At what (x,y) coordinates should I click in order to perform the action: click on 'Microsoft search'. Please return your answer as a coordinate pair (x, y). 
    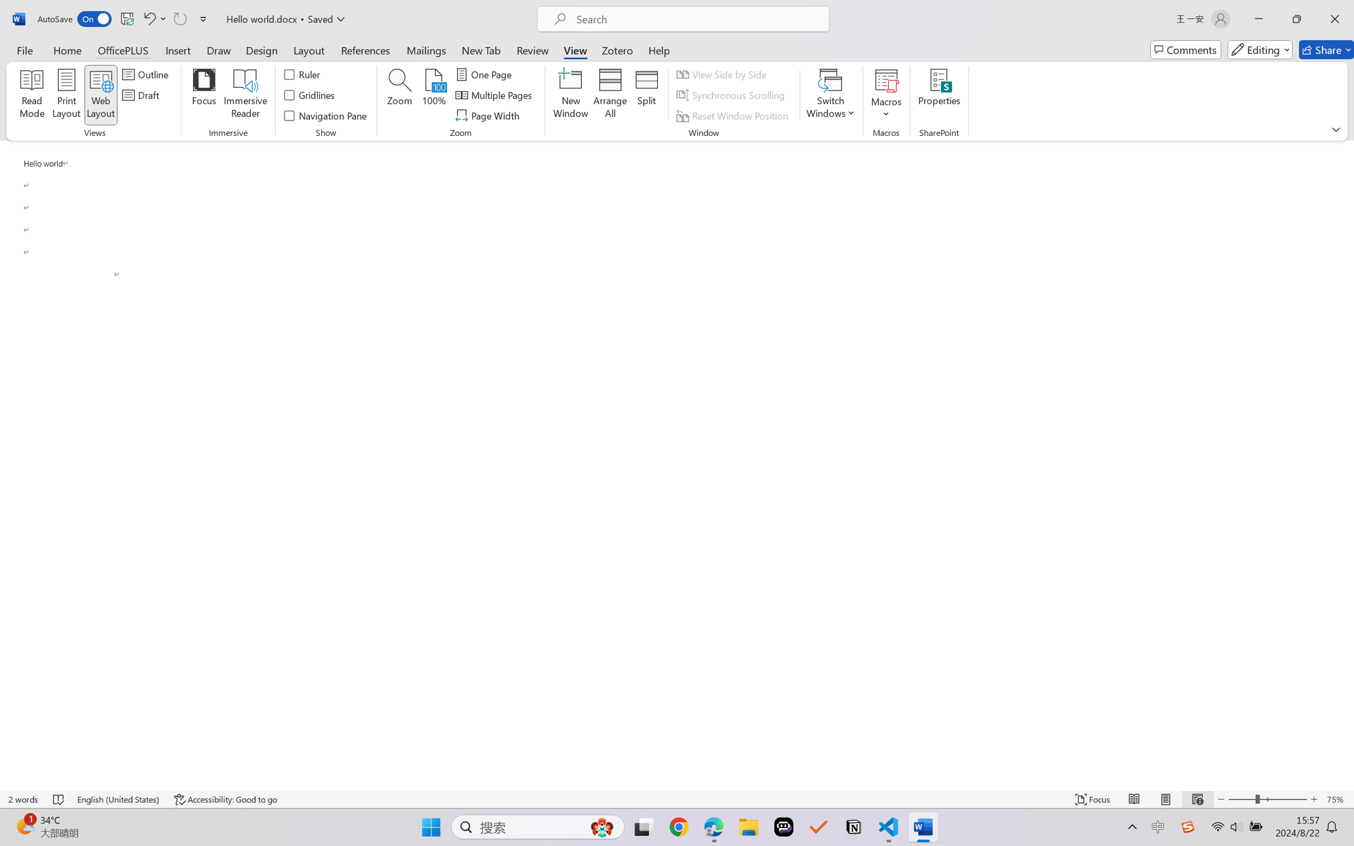
    Looking at the image, I should click on (697, 18).